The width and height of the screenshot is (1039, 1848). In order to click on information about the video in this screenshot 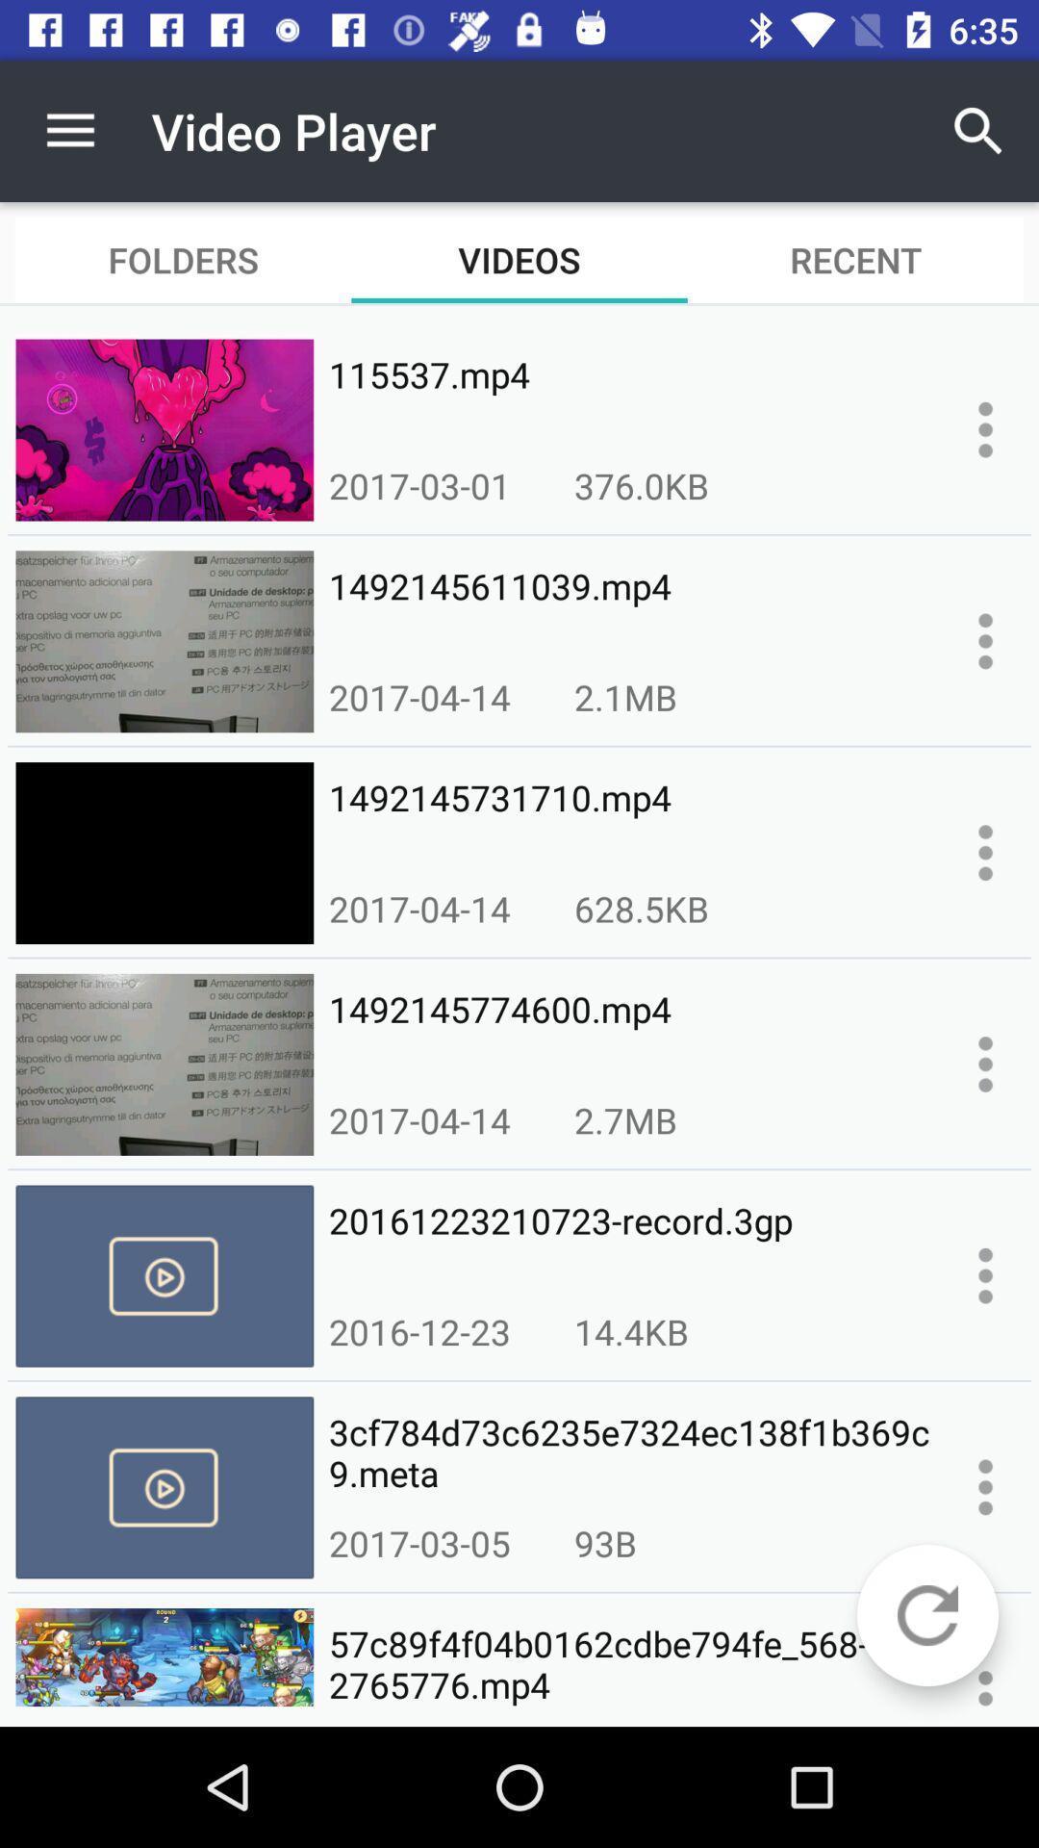, I will do `click(985, 1678)`.